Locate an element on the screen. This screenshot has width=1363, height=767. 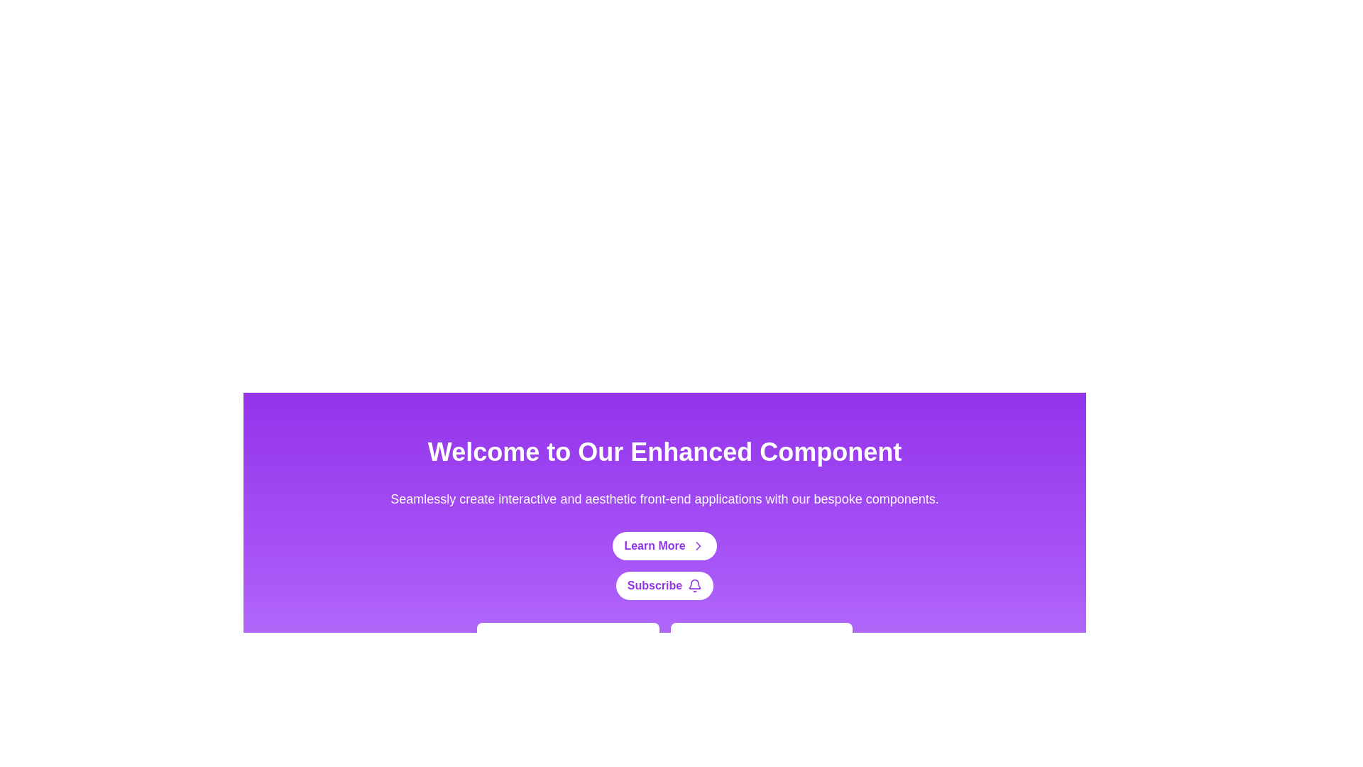
the prominently displayed title 'Welcome to Our Enhanced Component' located at the top of a purple gradient section is located at coordinates (664, 452).